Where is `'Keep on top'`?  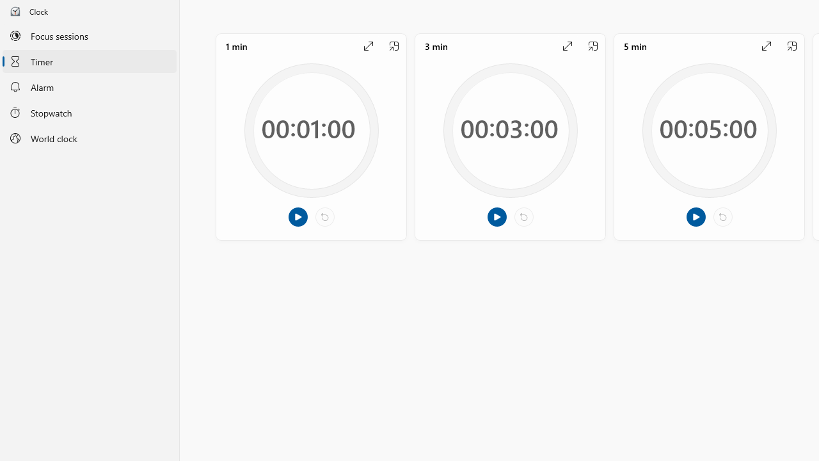
'Keep on top' is located at coordinates (791, 45).